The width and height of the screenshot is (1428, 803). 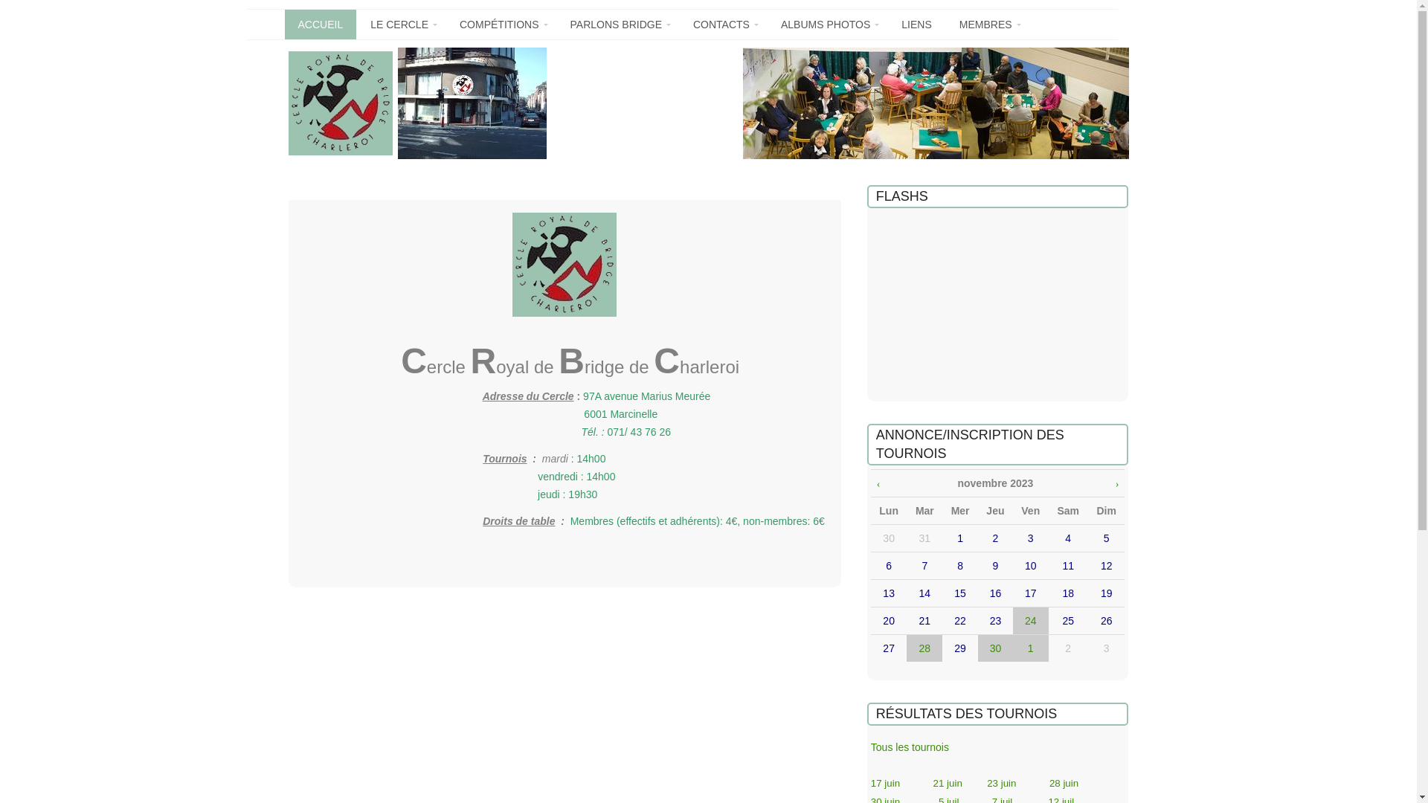 I want to click on '30', so click(x=996, y=647).